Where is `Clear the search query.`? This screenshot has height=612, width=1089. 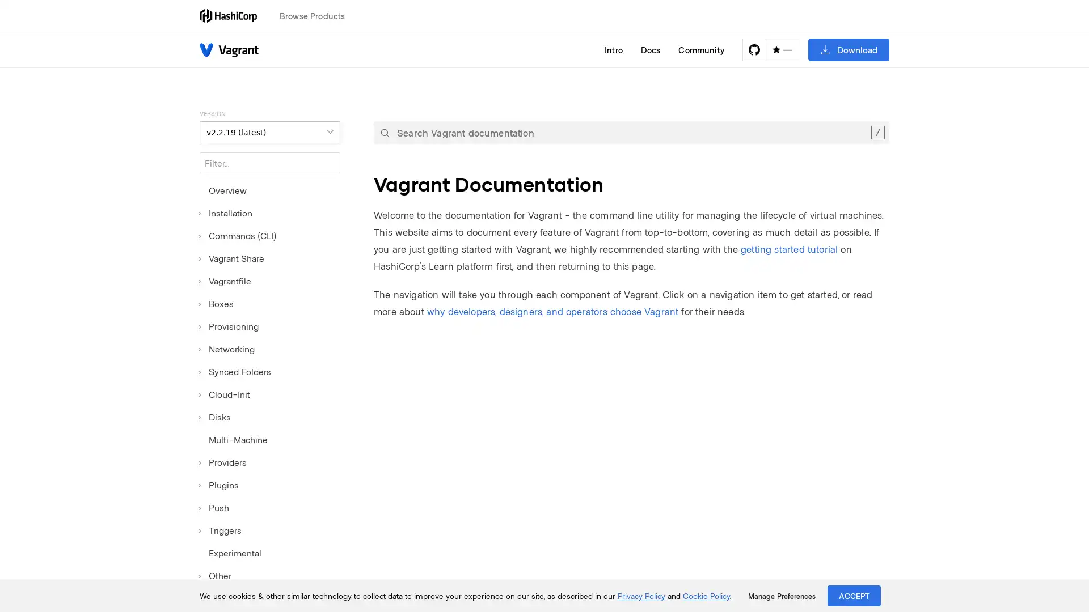 Clear the search query. is located at coordinates (877, 132).